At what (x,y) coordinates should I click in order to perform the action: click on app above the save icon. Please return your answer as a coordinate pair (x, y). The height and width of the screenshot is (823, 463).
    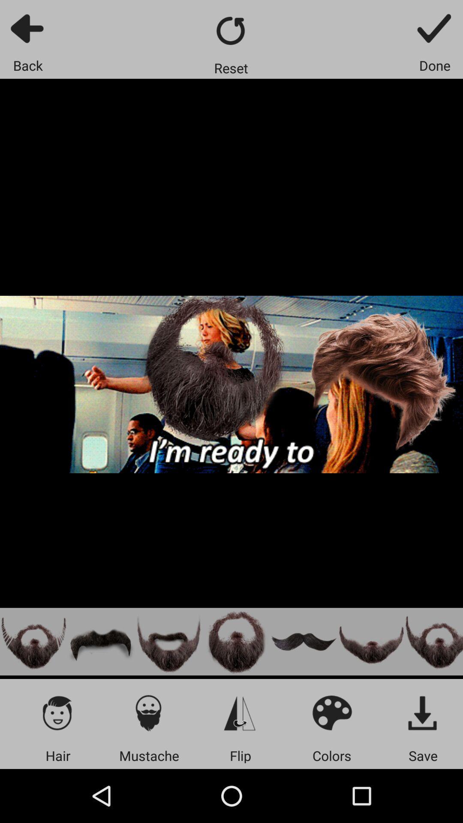
    Looking at the image, I should click on (423, 712).